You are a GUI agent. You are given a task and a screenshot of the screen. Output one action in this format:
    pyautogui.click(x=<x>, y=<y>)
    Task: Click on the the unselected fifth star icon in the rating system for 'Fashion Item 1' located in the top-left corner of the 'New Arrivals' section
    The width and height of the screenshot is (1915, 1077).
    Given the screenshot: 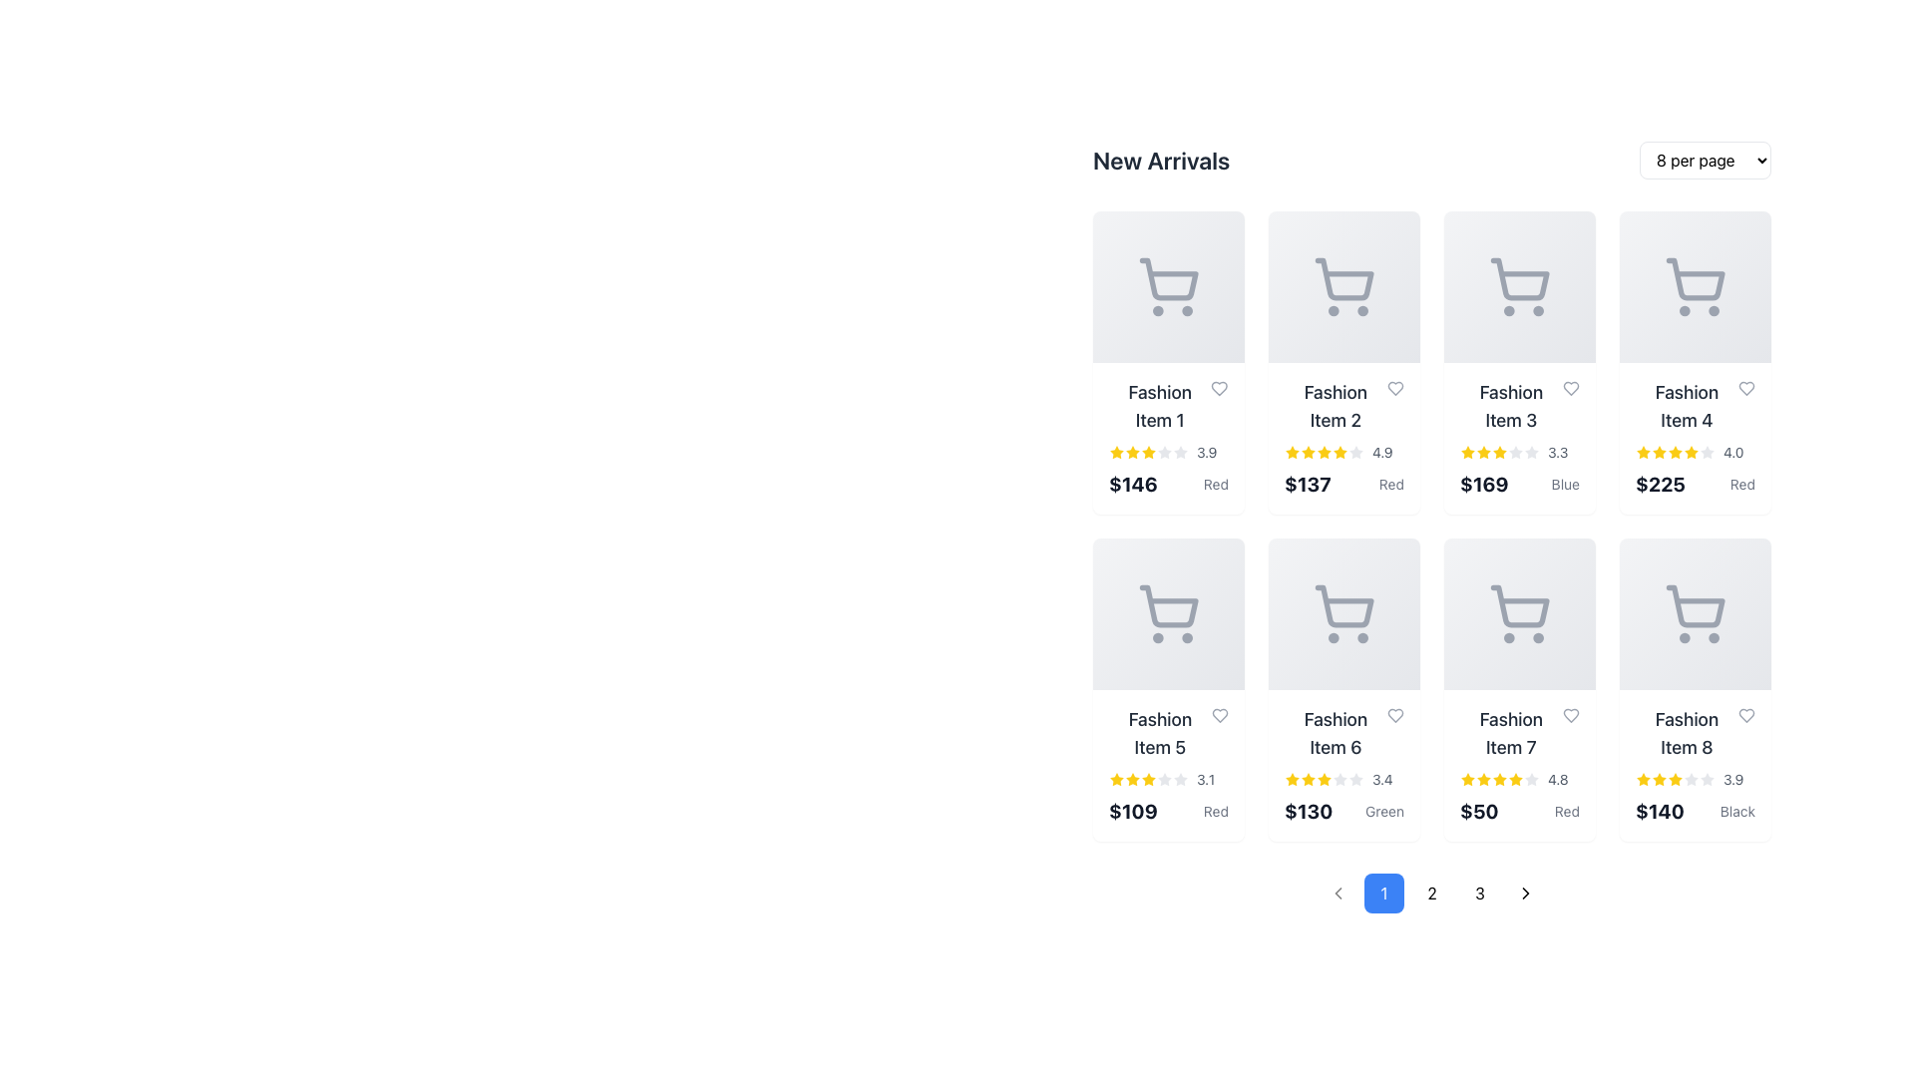 What is the action you would take?
    pyautogui.click(x=1181, y=453)
    